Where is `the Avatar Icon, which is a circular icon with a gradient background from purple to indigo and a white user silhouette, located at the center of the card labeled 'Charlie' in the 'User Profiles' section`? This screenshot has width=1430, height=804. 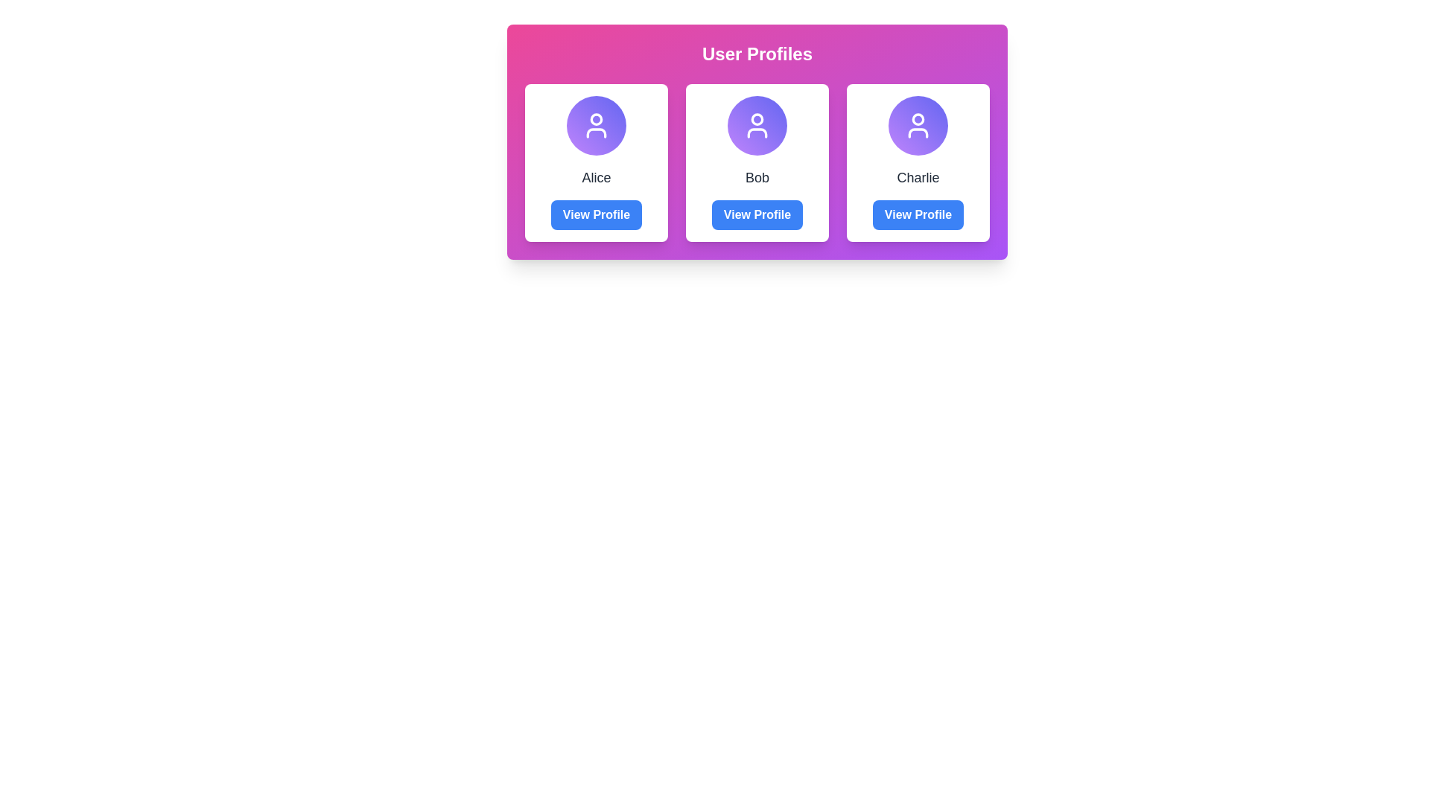
the Avatar Icon, which is a circular icon with a gradient background from purple to indigo and a white user silhouette, located at the center of the card labeled 'Charlie' in the 'User Profiles' section is located at coordinates (918, 125).